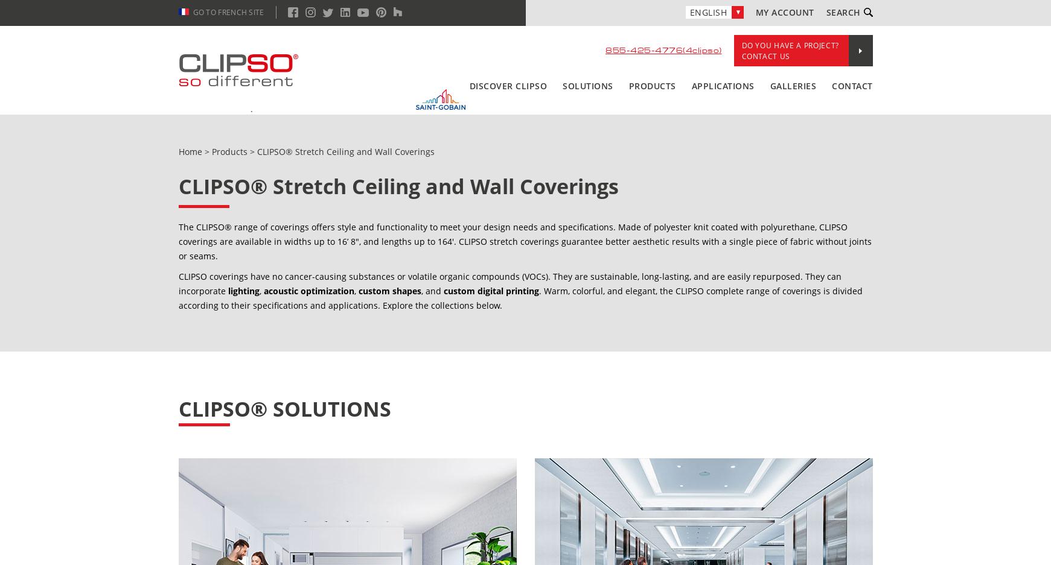 The image size is (1051, 565). Describe the element at coordinates (243, 291) in the screenshot. I see `'lighting'` at that location.